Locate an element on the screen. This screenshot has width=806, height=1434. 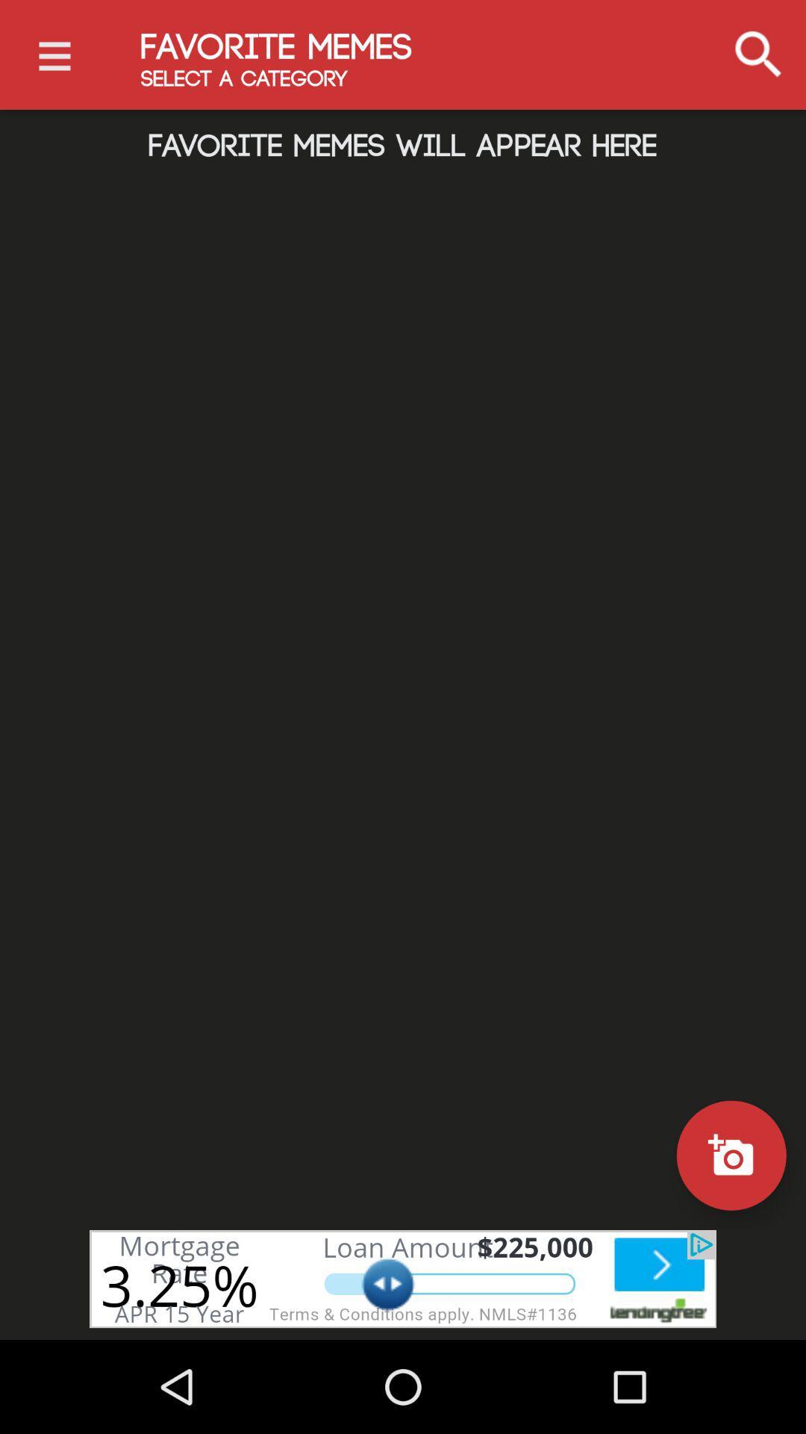
the photo icon is located at coordinates (731, 1155).